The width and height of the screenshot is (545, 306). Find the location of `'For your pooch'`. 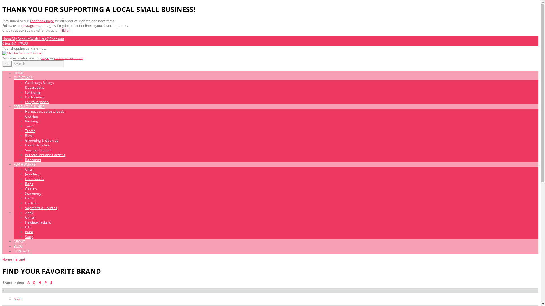

'For your pooch' is located at coordinates (36, 101).